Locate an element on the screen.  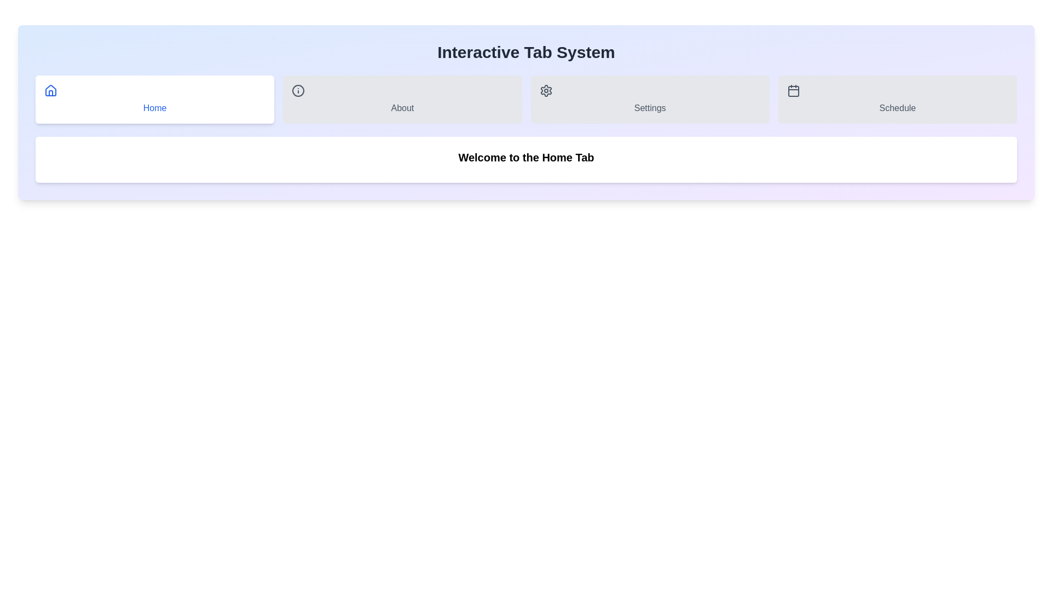
the Settings tab by clicking its respective button is located at coordinates (649, 99).